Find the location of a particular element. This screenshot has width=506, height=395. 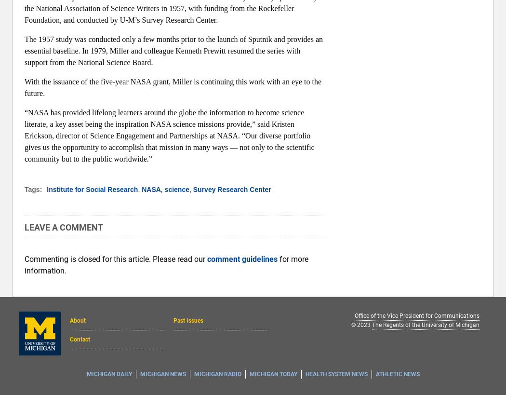

'Michigan Daily' is located at coordinates (108, 374).